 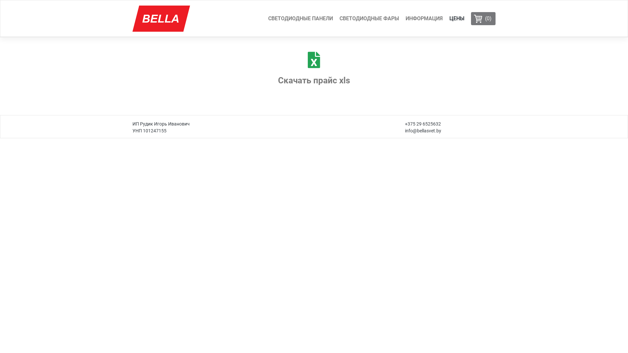 What do you see at coordinates (483, 18) in the screenshot?
I see `'(0)'` at bounding box center [483, 18].